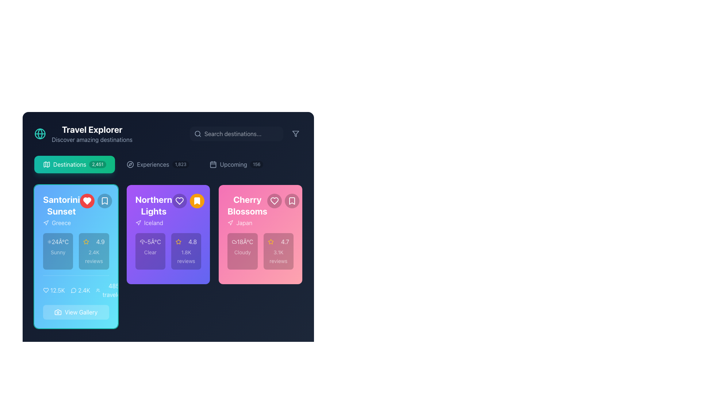  What do you see at coordinates (257, 165) in the screenshot?
I see `the small, pill-shaped badge displaying the number '156' with a dark translucent background, located to the right of the 'Upcoming' text in the navigation bar` at bounding box center [257, 165].